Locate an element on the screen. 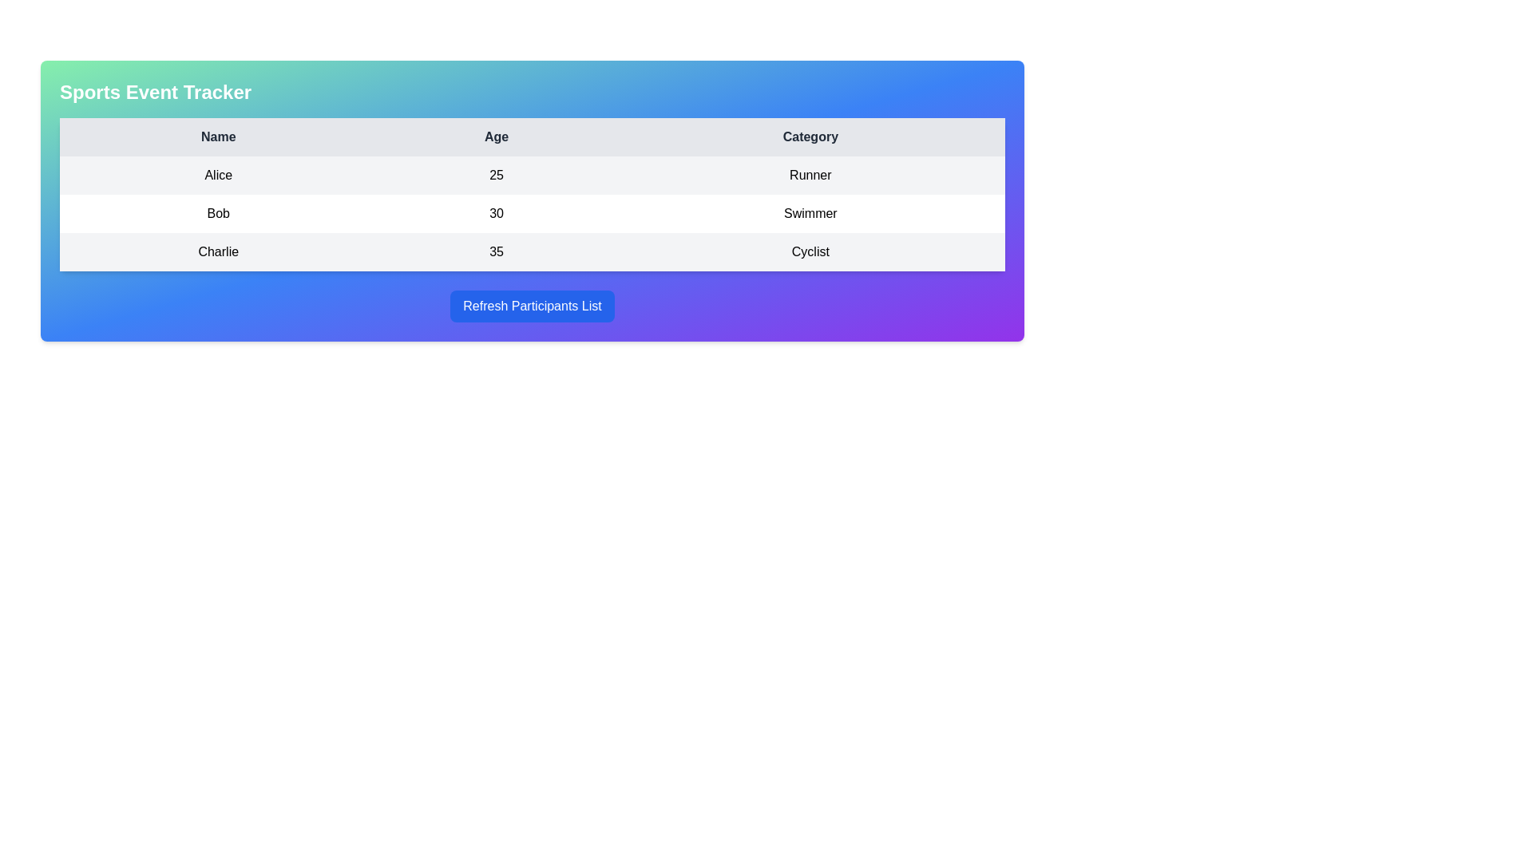 The height and width of the screenshot is (862, 1533). the plain text displaying the number '30' located in the 'Age' column of the table associated with the row for 'Bob Swimmer' is located at coordinates (496, 212).